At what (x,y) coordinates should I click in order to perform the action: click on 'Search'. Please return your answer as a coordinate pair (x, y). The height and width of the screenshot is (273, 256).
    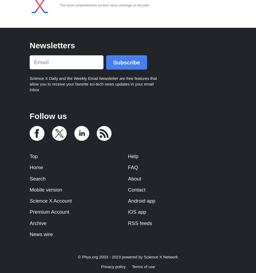
    Looking at the image, I should click on (37, 178).